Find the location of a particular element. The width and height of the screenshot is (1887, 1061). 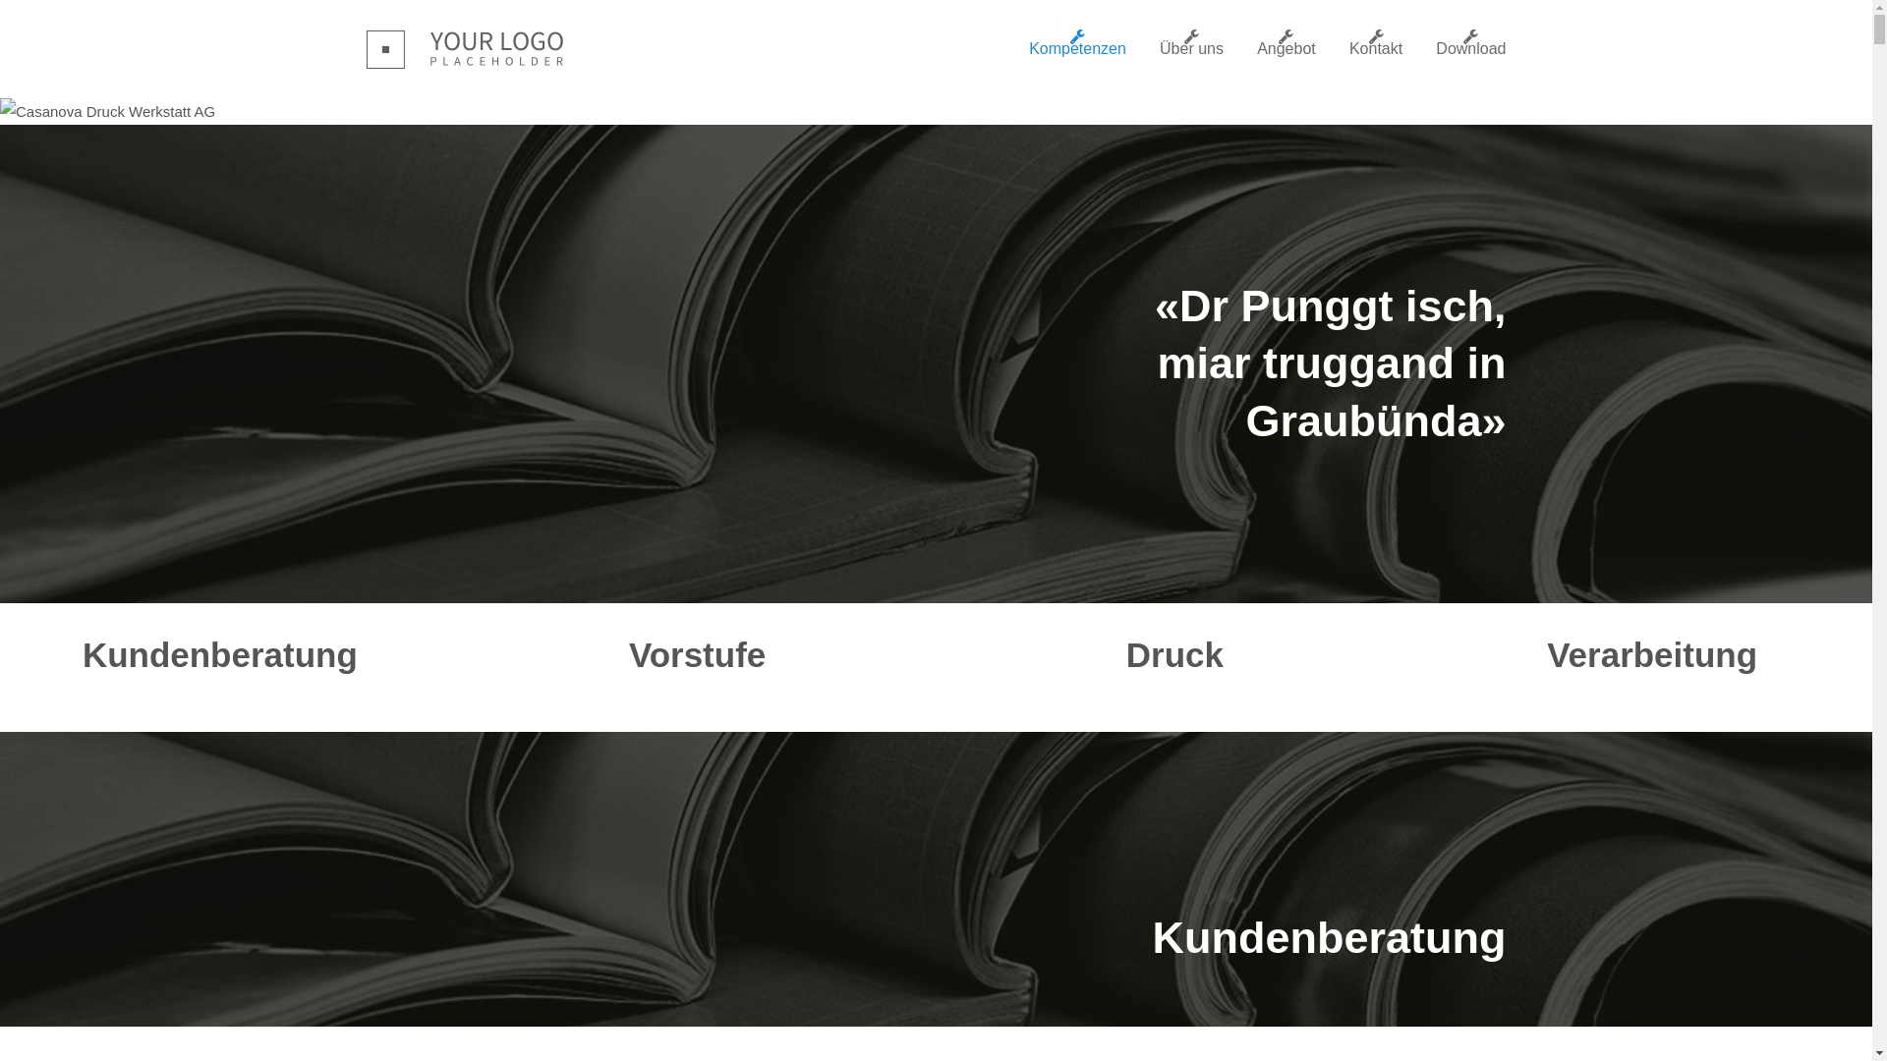

'Kontakt' is located at coordinates (1375, 48).